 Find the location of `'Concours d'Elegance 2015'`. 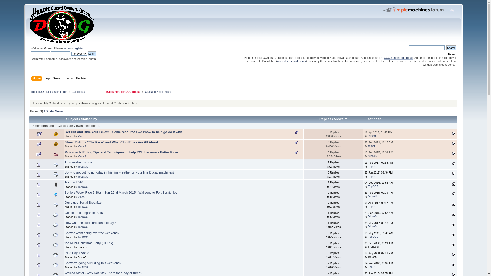

'Concours d'Elegance 2015' is located at coordinates (84, 213).